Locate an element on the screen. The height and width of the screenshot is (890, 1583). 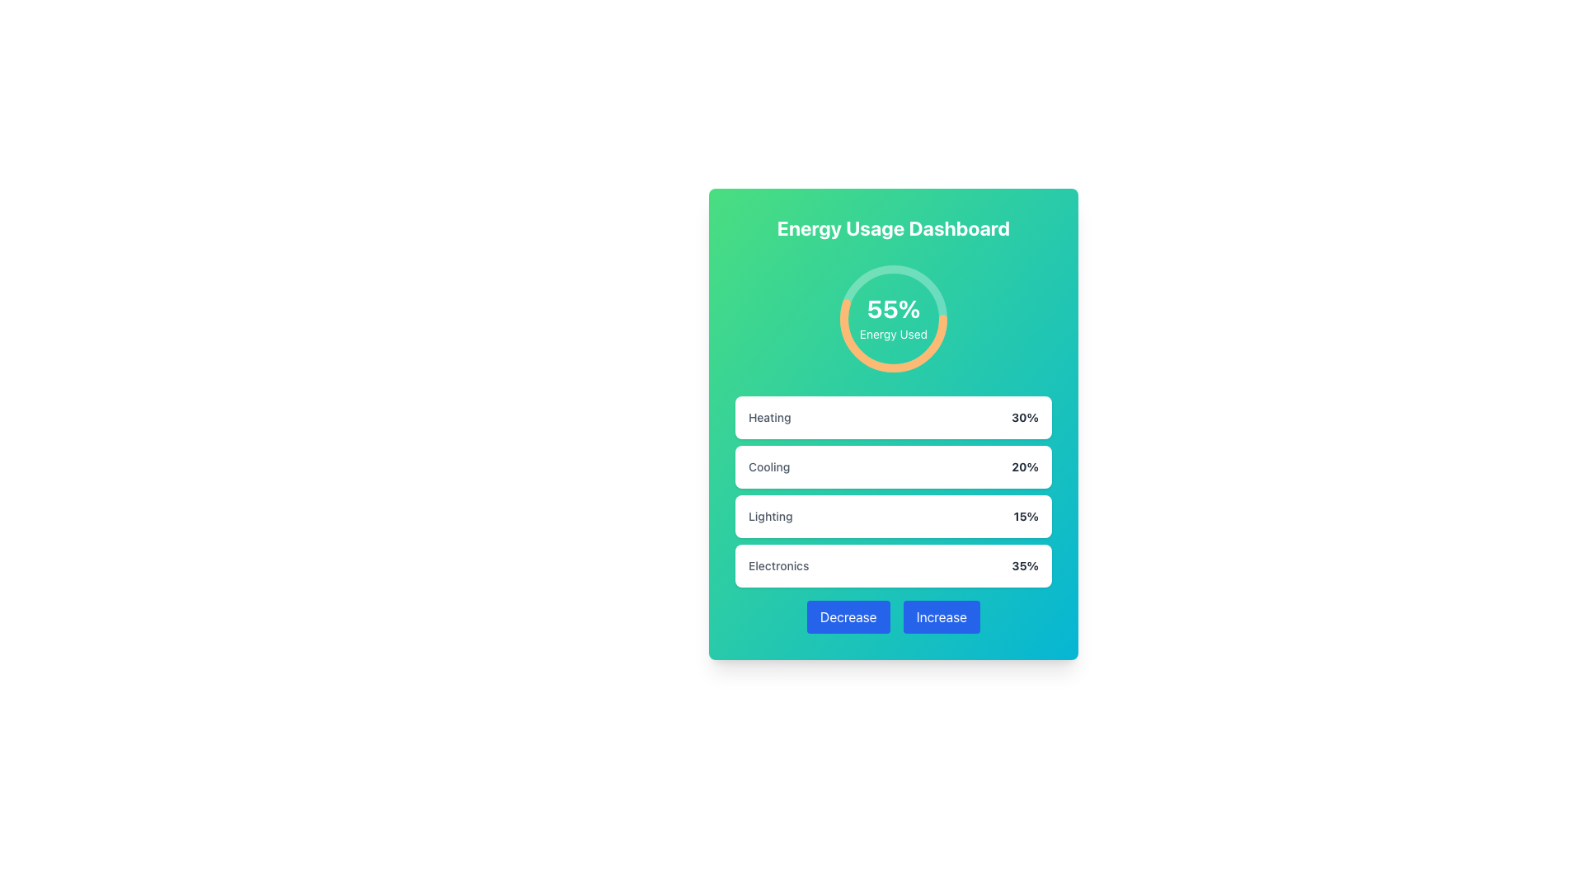
the dashboard header text label element for accessibility purposes by moving the cursor to its center point is located at coordinates (893, 228).